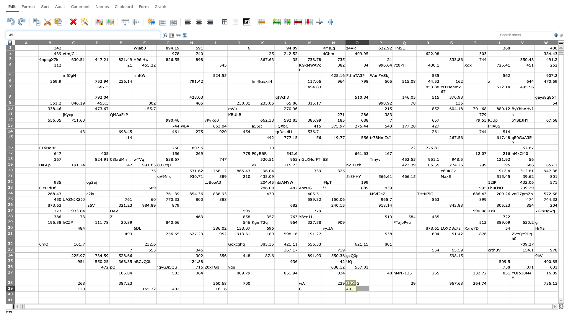  I want to click on Left margin of P39, so click(369, 288).